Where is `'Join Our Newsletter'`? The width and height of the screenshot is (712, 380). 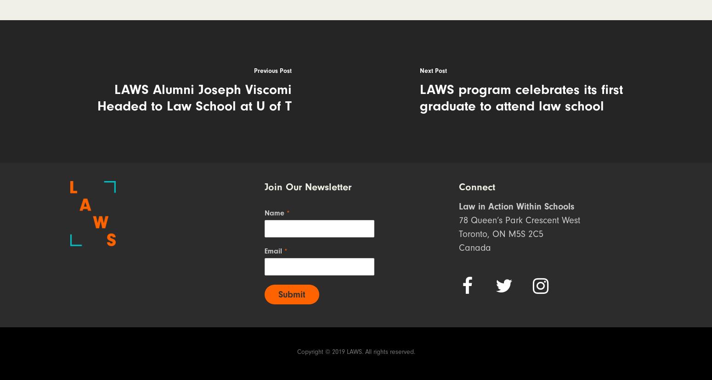 'Join Our Newsletter' is located at coordinates (307, 187).